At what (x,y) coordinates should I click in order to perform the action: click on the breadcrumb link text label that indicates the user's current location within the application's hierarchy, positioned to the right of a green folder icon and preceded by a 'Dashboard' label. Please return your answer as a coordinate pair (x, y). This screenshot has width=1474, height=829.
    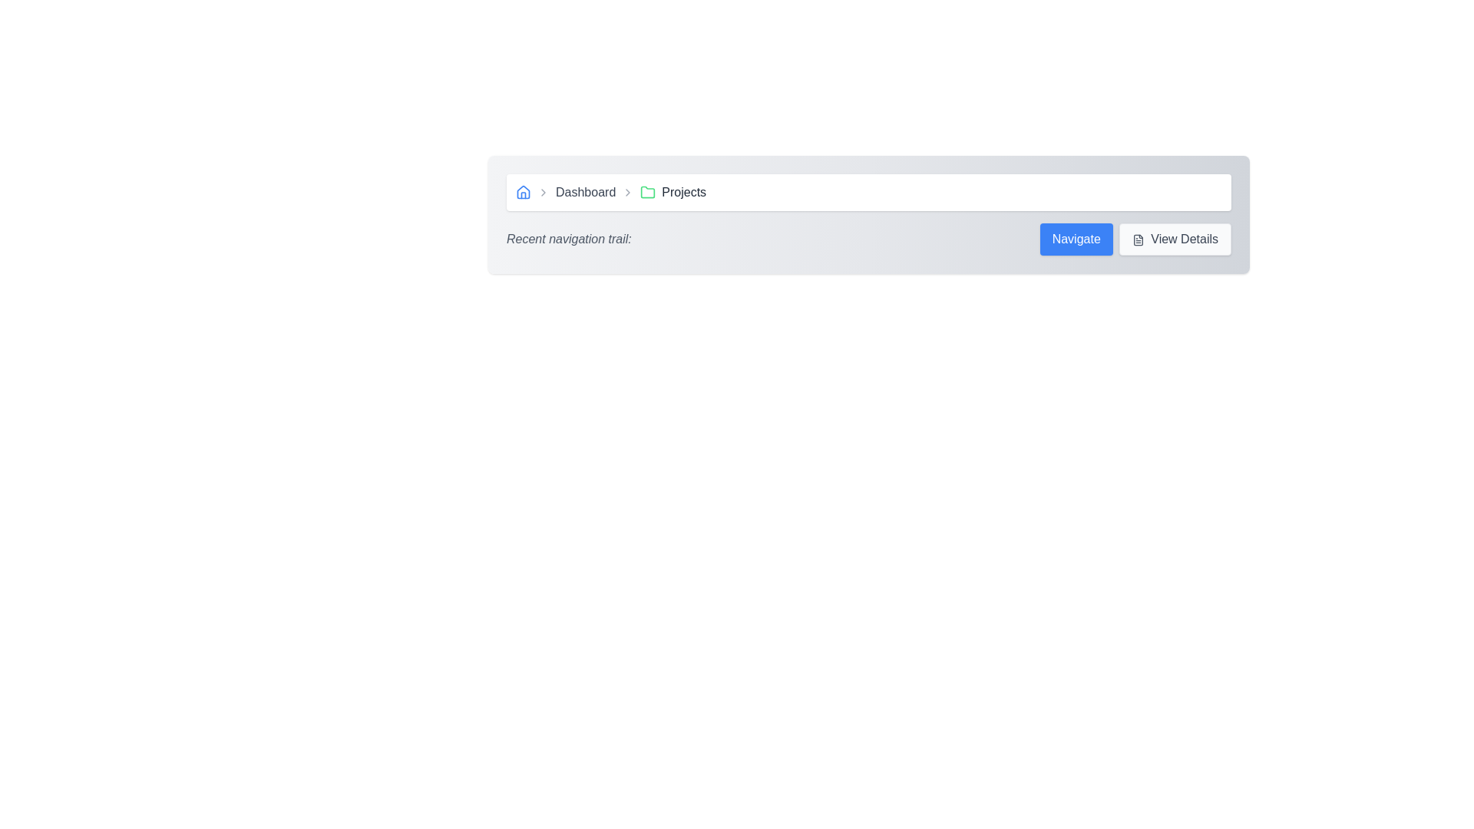
    Looking at the image, I should click on (683, 191).